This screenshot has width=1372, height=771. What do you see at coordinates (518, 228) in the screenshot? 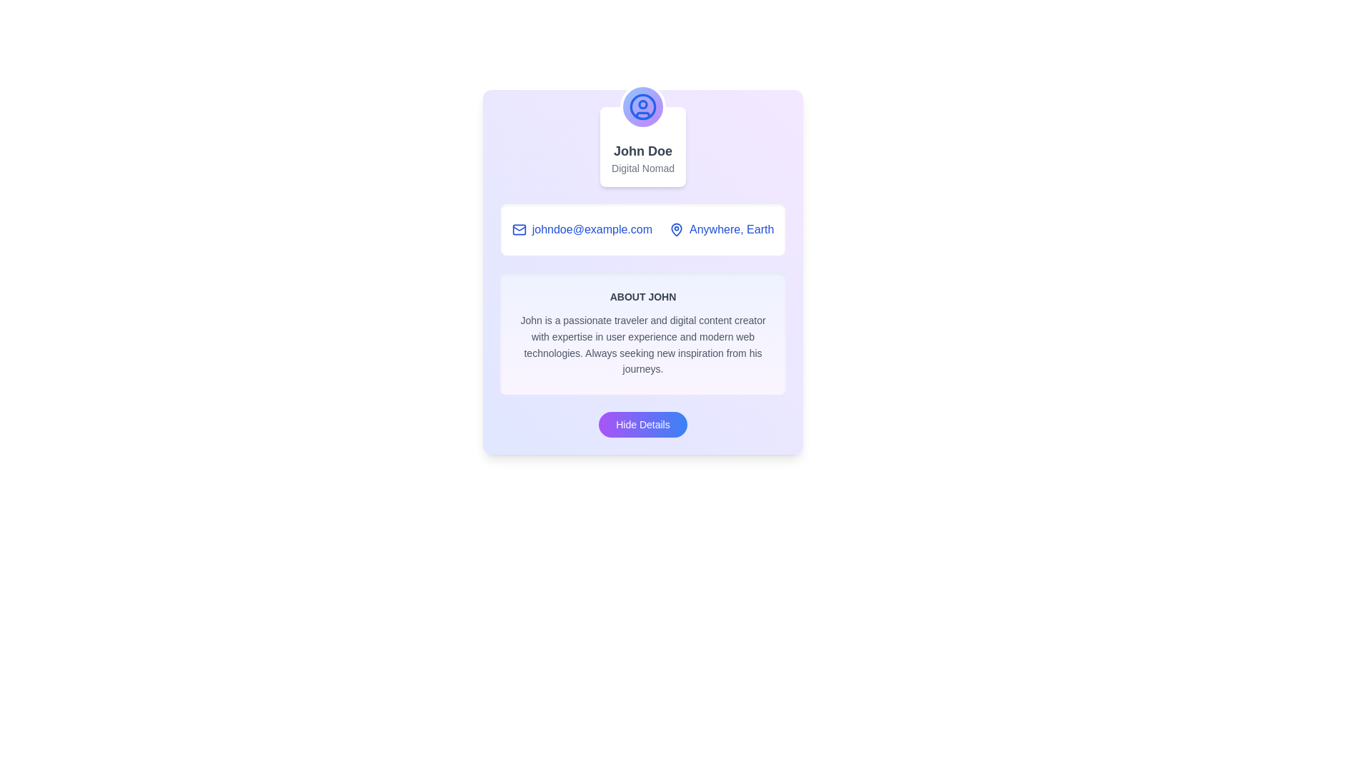
I see `the representation of the email icon by clicking on the Envelope Base icon component, which visually signifies an email address in the user profile interface` at bounding box center [518, 228].